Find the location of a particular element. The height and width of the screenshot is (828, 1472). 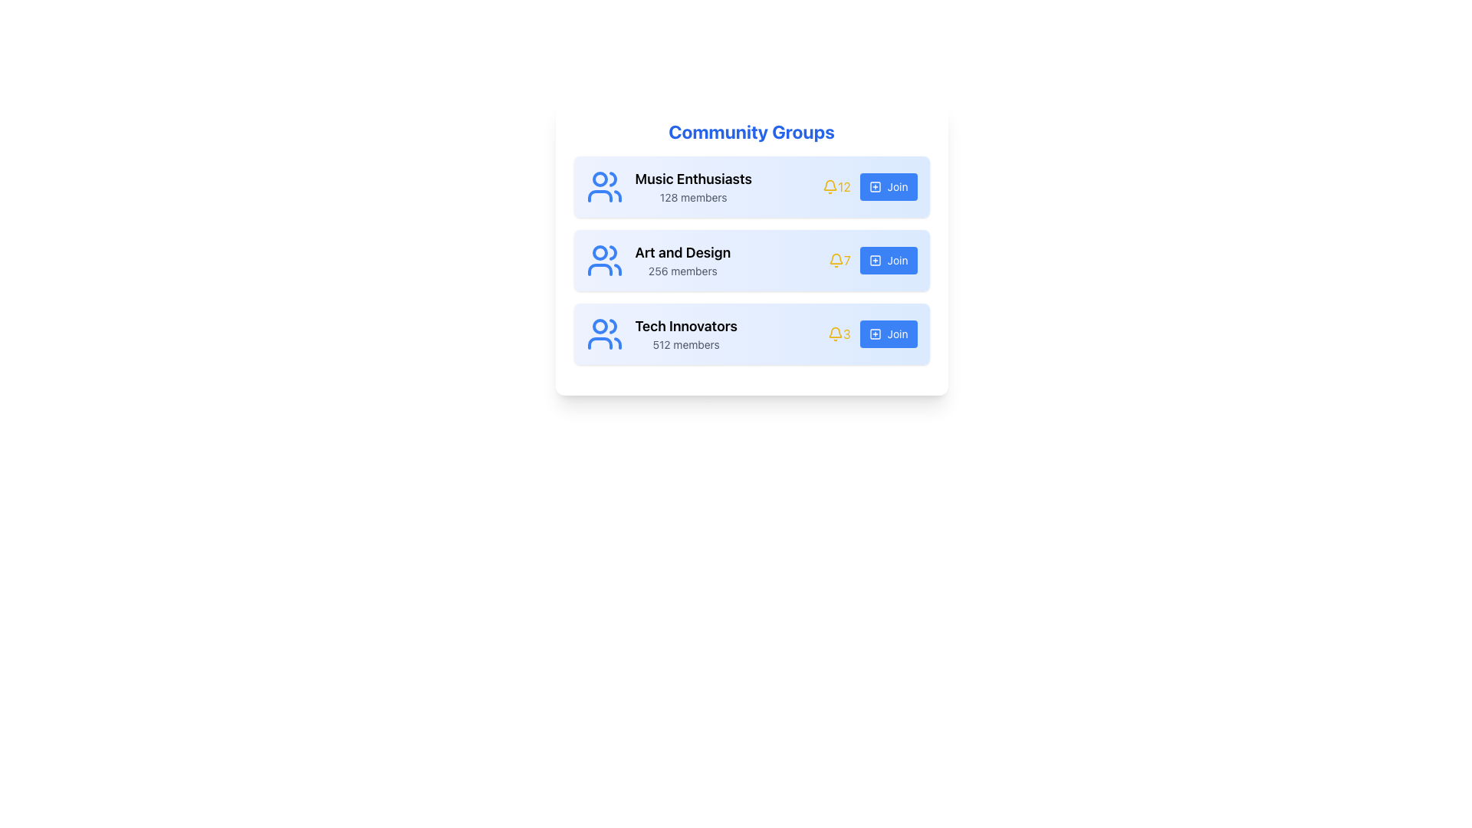

text displayed in the second group listing for community groups, which shows the name of the community group and the corresponding member count is located at coordinates (658, 259).